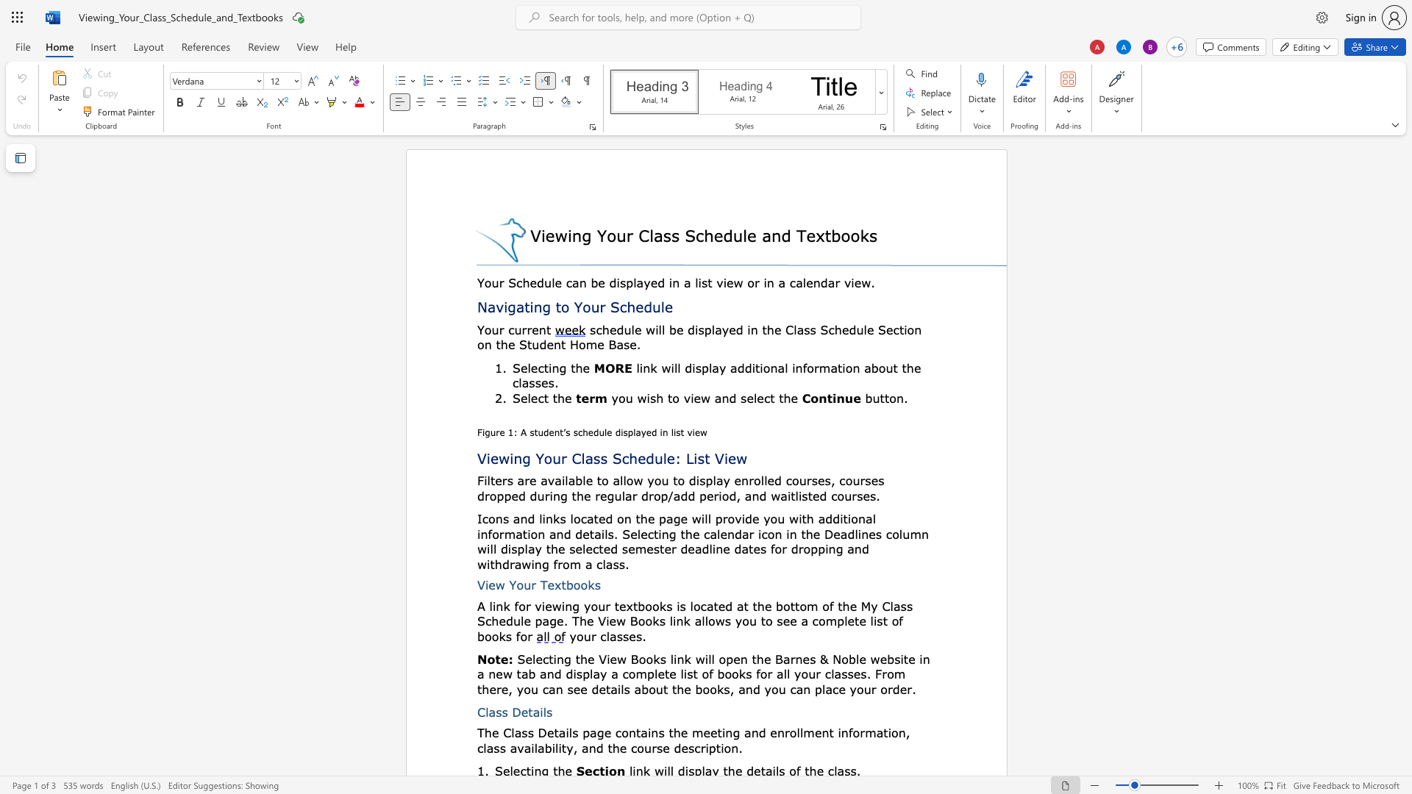 The image size is (1412, 794). I want to click on the space between the continuous character "o" and "r" in the text, so click(859, 732).